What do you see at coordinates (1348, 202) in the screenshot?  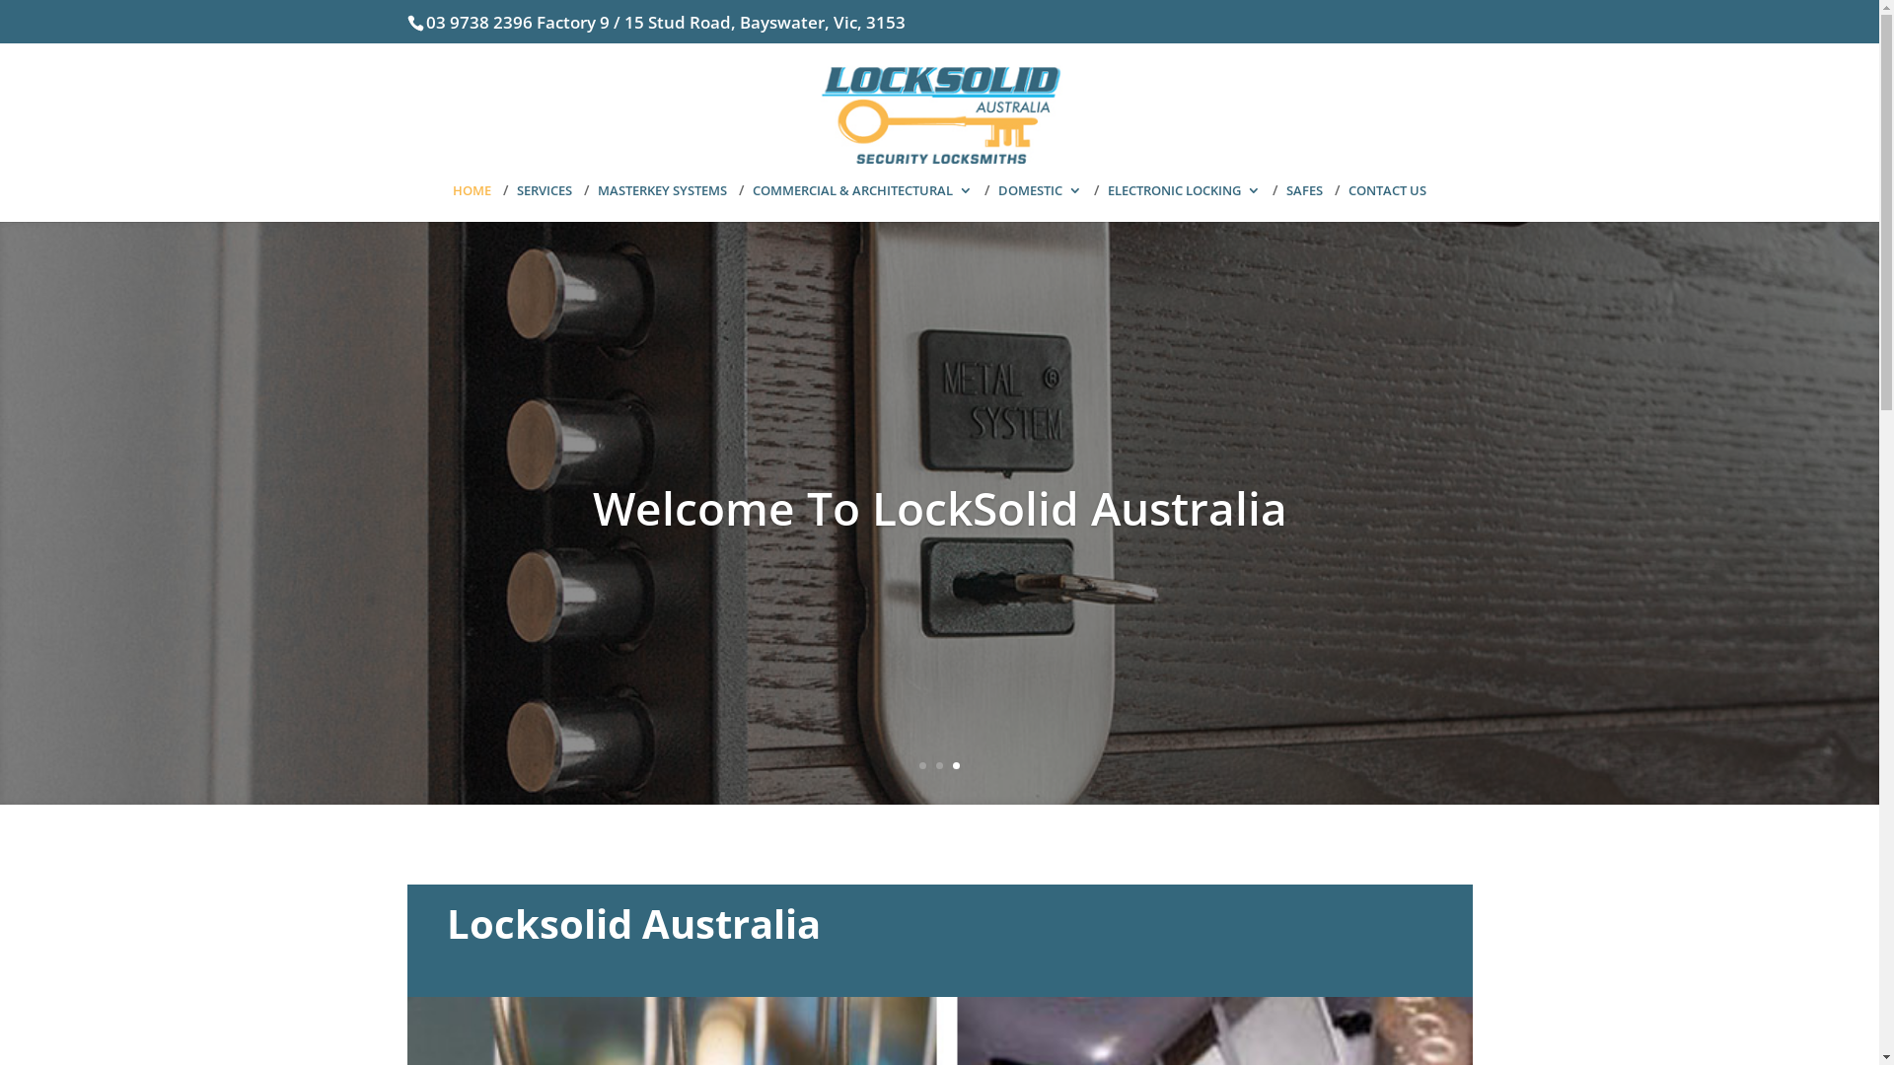 I see `'CONTACT US'` at bounding box center [1348, 202].